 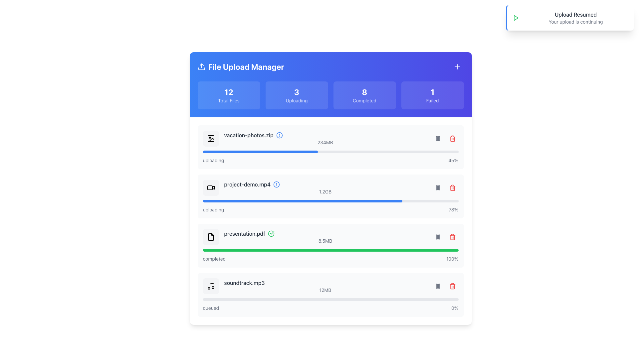 I want to click on the file type icon representing 'presentation.pdf', so click(x=210, y=237).